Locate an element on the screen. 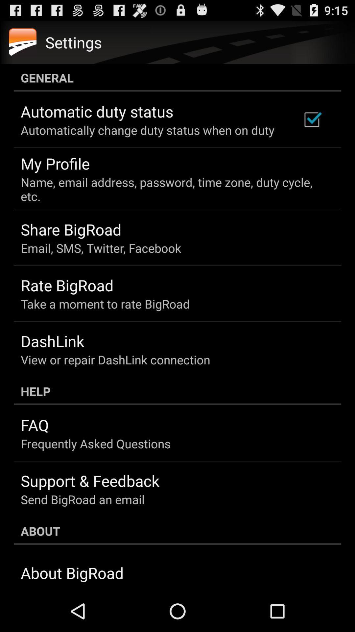 This screenshot has width=355, height=632. app below the automatically change duty app is located at coordinates (55, 163).